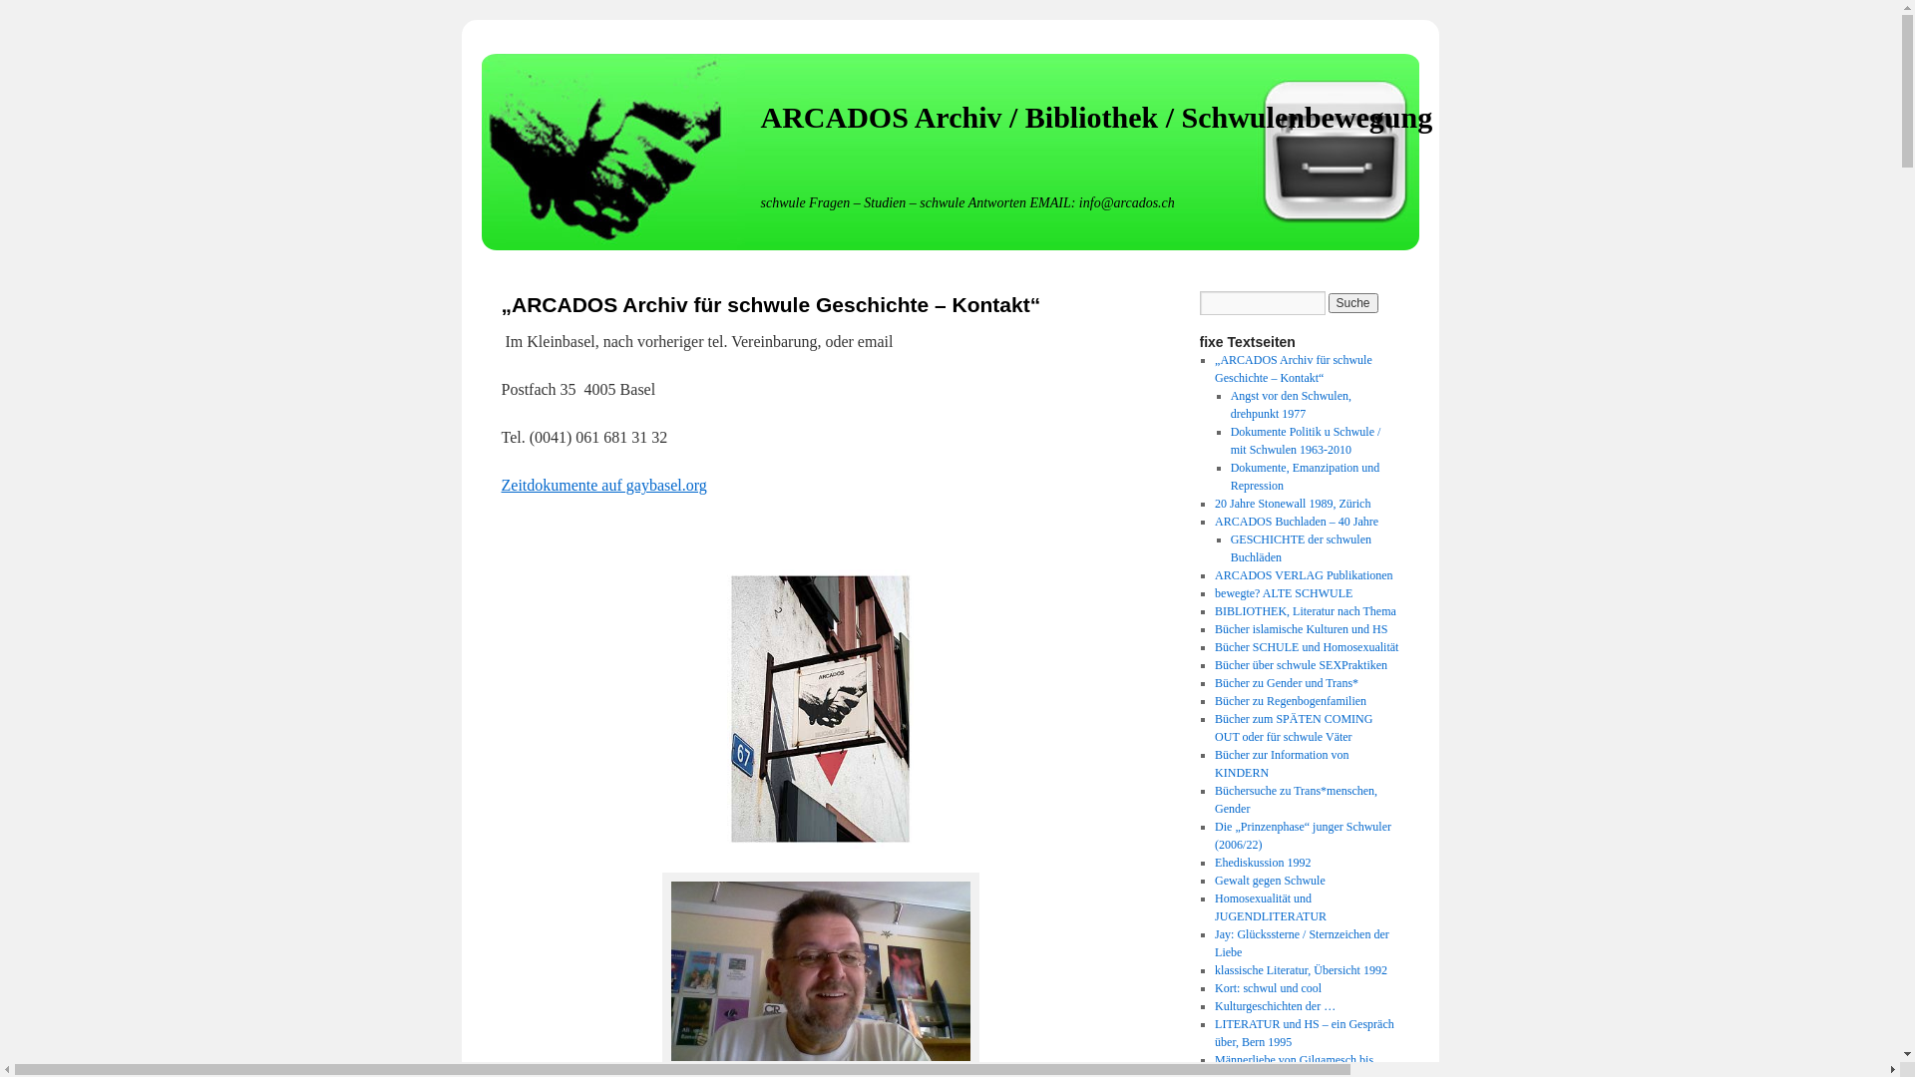 The image size is (1915, 1077). Describe the element at coordinates (1269, 880) in the screenshot. I see `'Gewalt gegen Schwule'` at that location.